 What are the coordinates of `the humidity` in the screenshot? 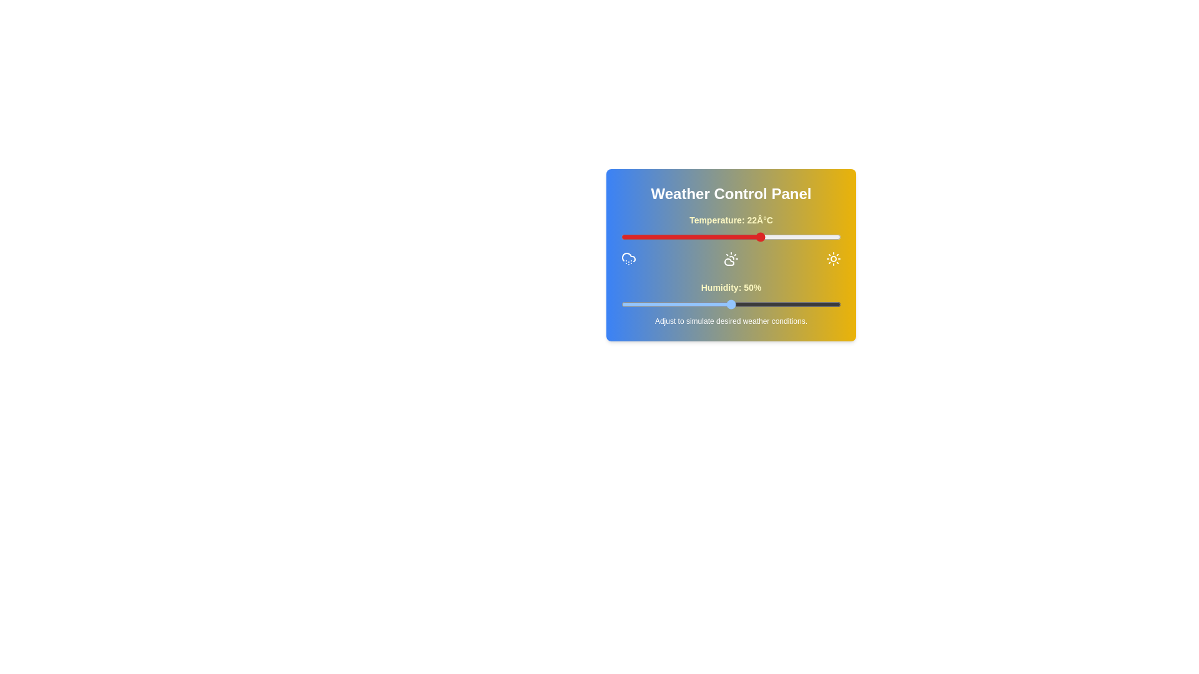 It's located at (691, 305).